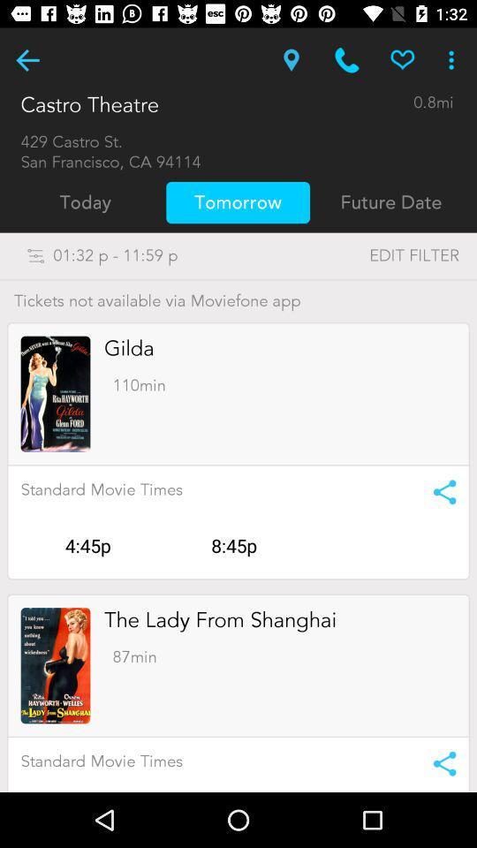 The image size is (477, 848). I want to click on the lady from item, so click(220, 620).